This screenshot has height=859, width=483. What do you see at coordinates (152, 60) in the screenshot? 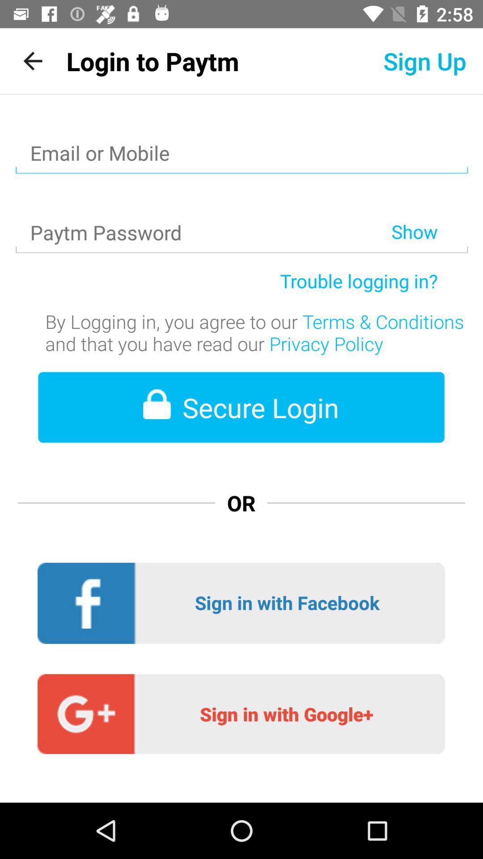
I see `login to paytm` at bounding box center [152, 60].